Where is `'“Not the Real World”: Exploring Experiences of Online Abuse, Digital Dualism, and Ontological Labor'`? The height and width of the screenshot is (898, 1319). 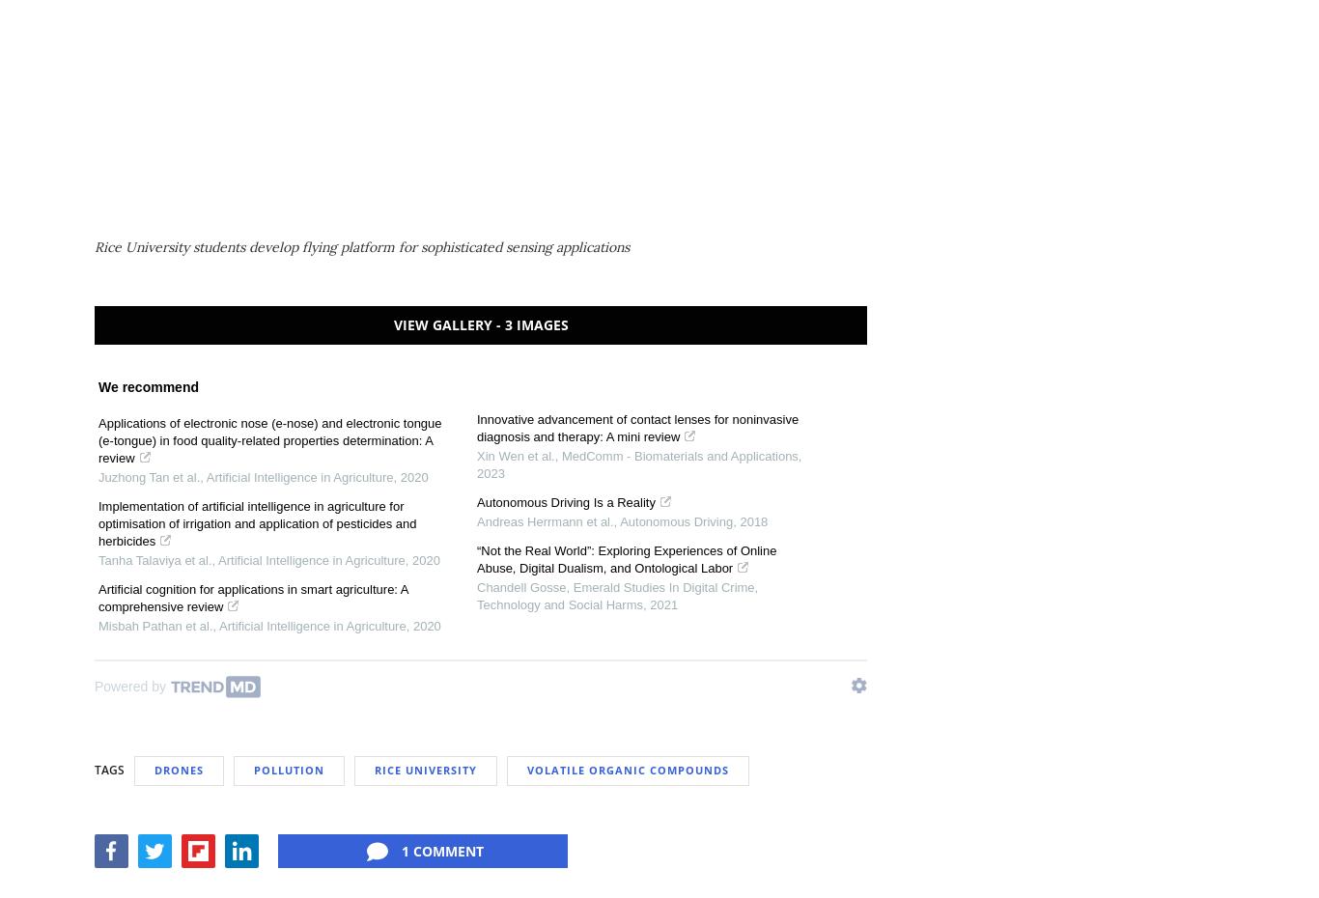 '“Not the Real World”: Exploring Experiences of Online Abuse, Digital Dualism, and Ontological Labor' is located at coordinates (625, 558).